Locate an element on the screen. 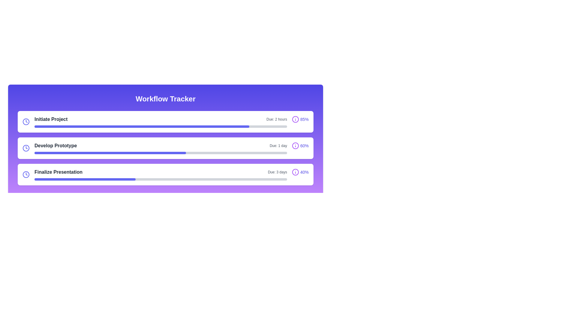 This screenshot has width=576, height=324. the indigo progress indicator bar located within the 'Develop Prototype' section of the workflow tracker is located at coordinates (110, 152).